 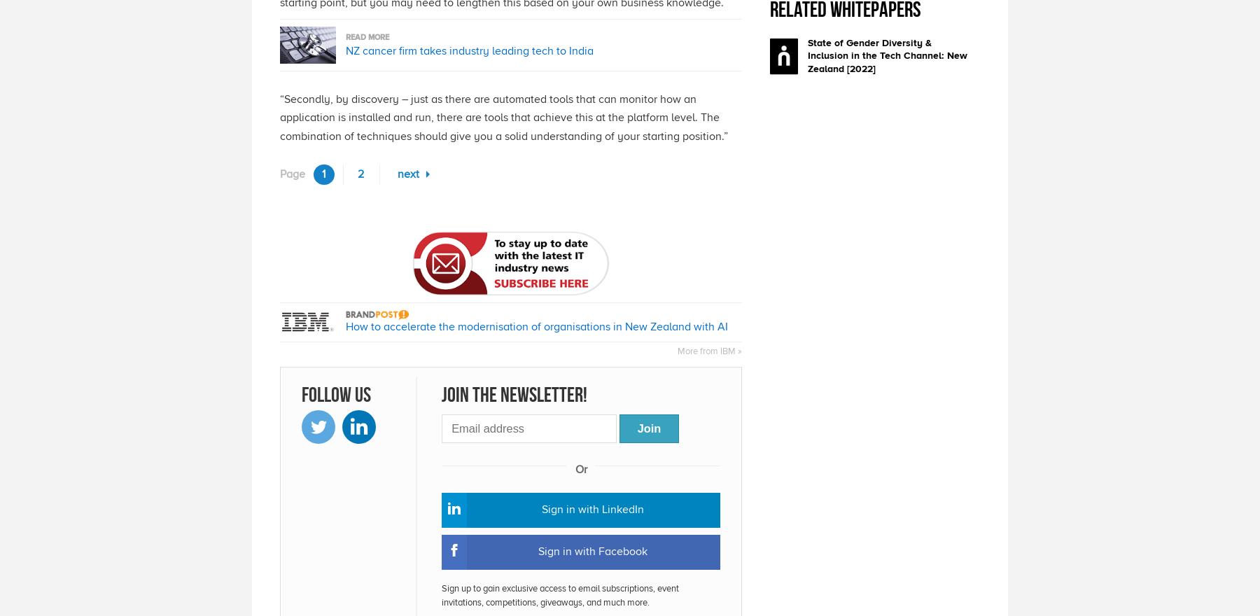 I want to click on 'More from IBM', so click(x=706, y=351).